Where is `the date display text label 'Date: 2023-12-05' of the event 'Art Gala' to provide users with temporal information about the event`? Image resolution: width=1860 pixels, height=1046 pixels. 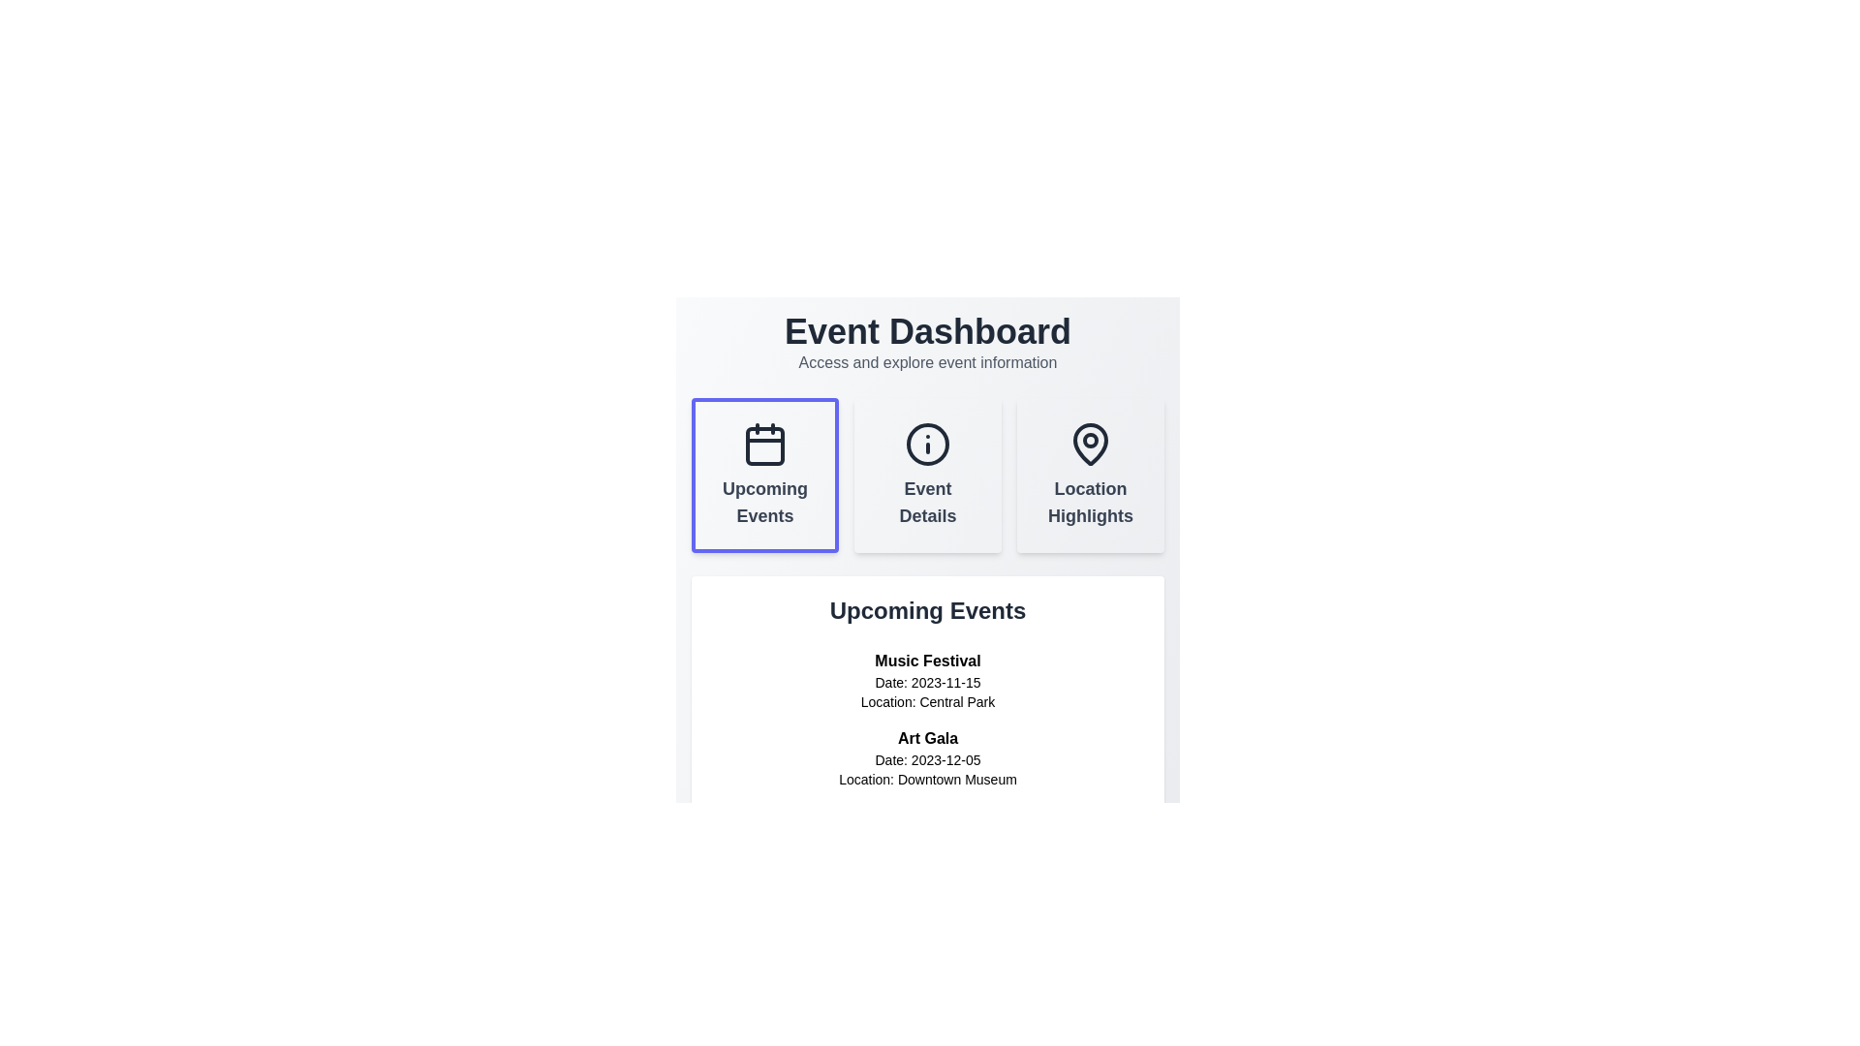
the date display text label 'Date: 2023-12-05' of the event 'Art Gala' to provide users with temporal information about the event is located at coordinates (927, 759).